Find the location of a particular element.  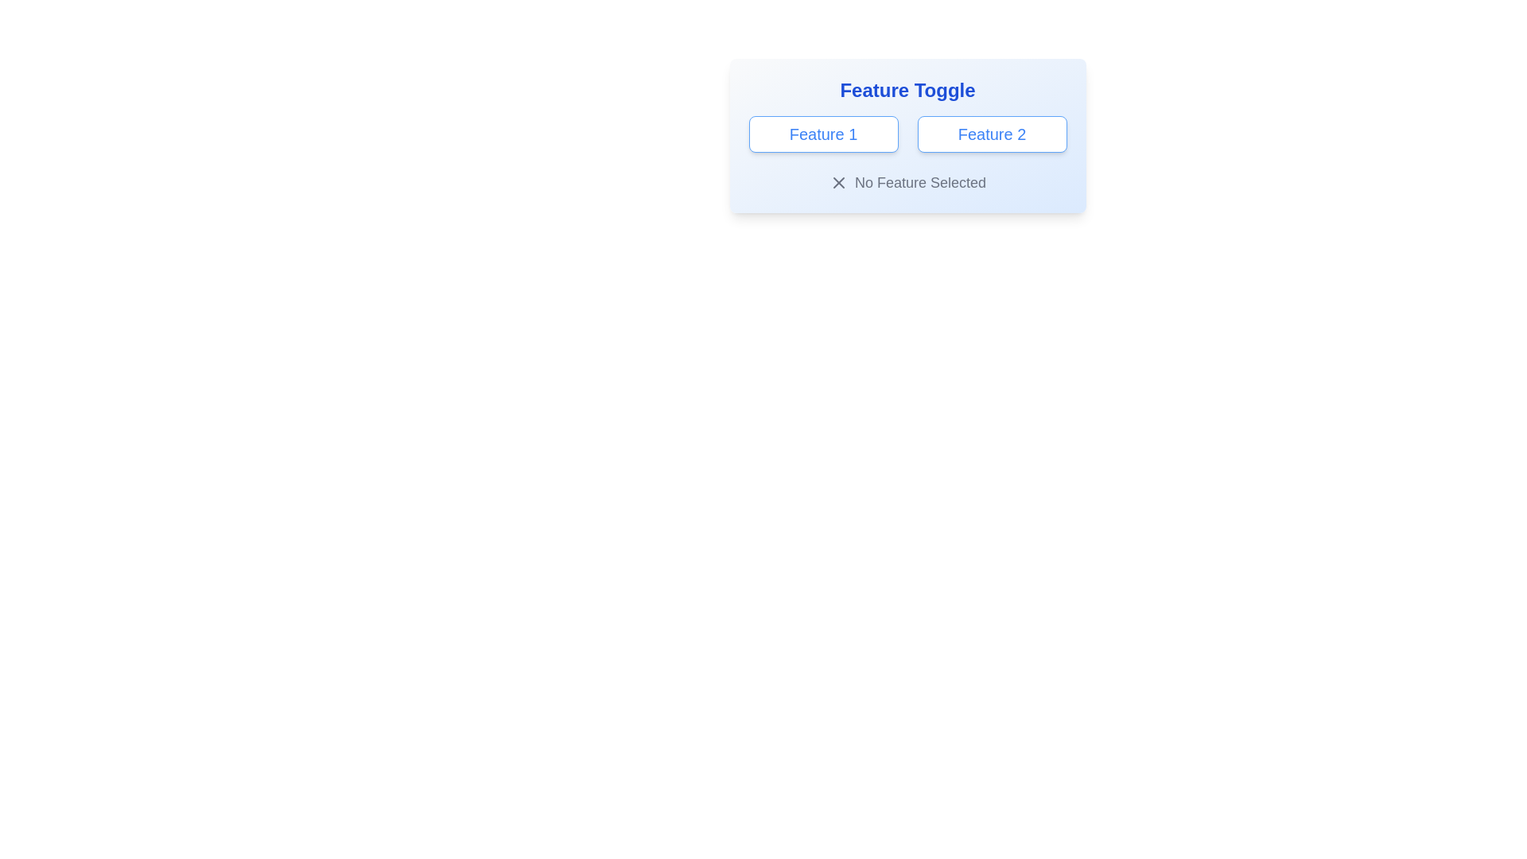

the Text Label indicating that no feature has been selected, positioned below the 'Feature 1' and 'Feature 2' buttons is located at coordinates (907, 182).